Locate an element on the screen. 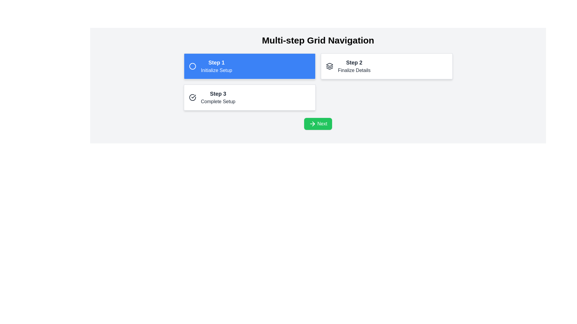 The image size is (577, 324). the text component indicating the first phase of the setup process in the multi-step workflow navigation is located at coordinates (216, 66).